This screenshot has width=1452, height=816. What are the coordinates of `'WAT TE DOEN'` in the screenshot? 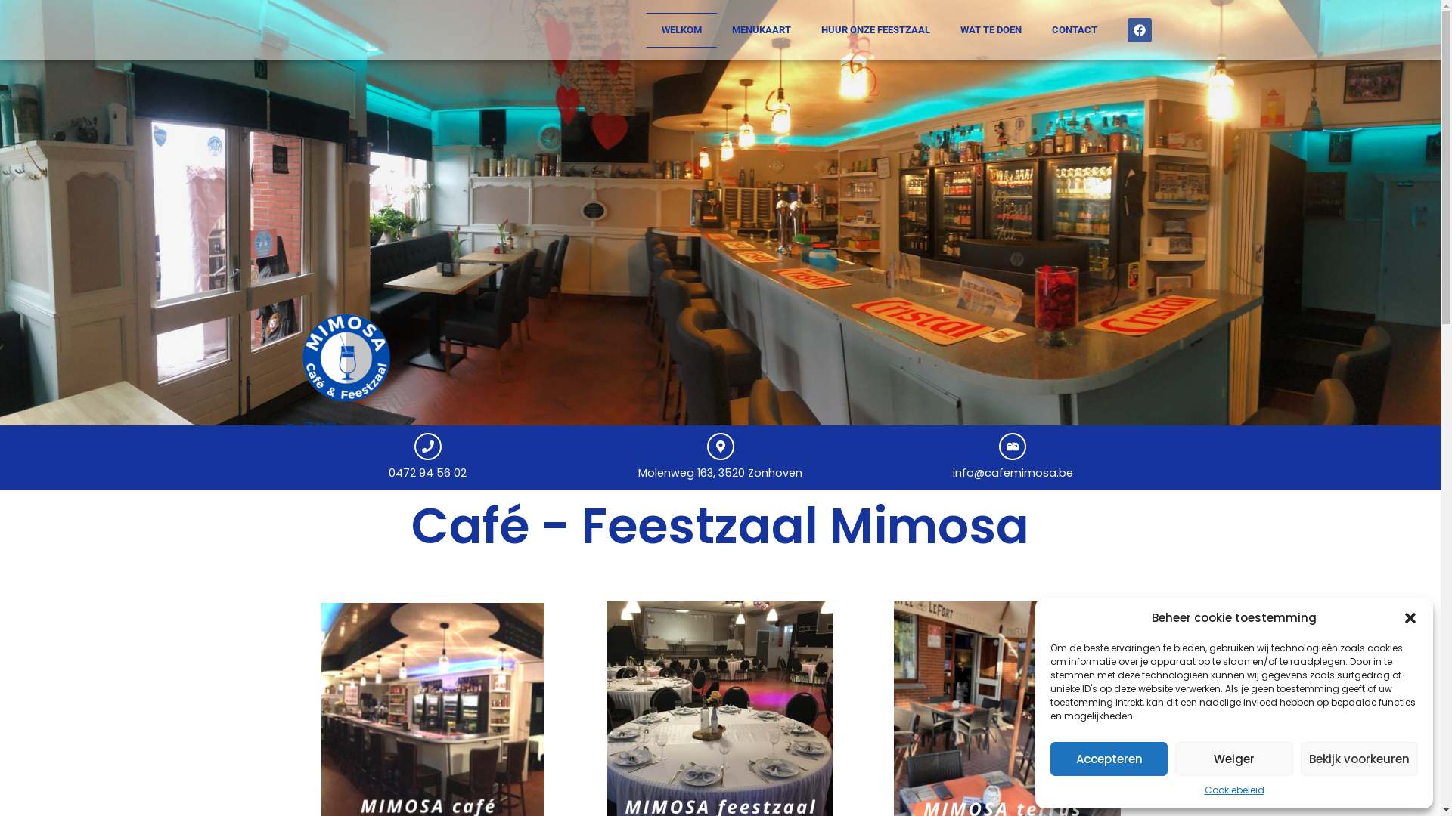 It's located at (991, 29).